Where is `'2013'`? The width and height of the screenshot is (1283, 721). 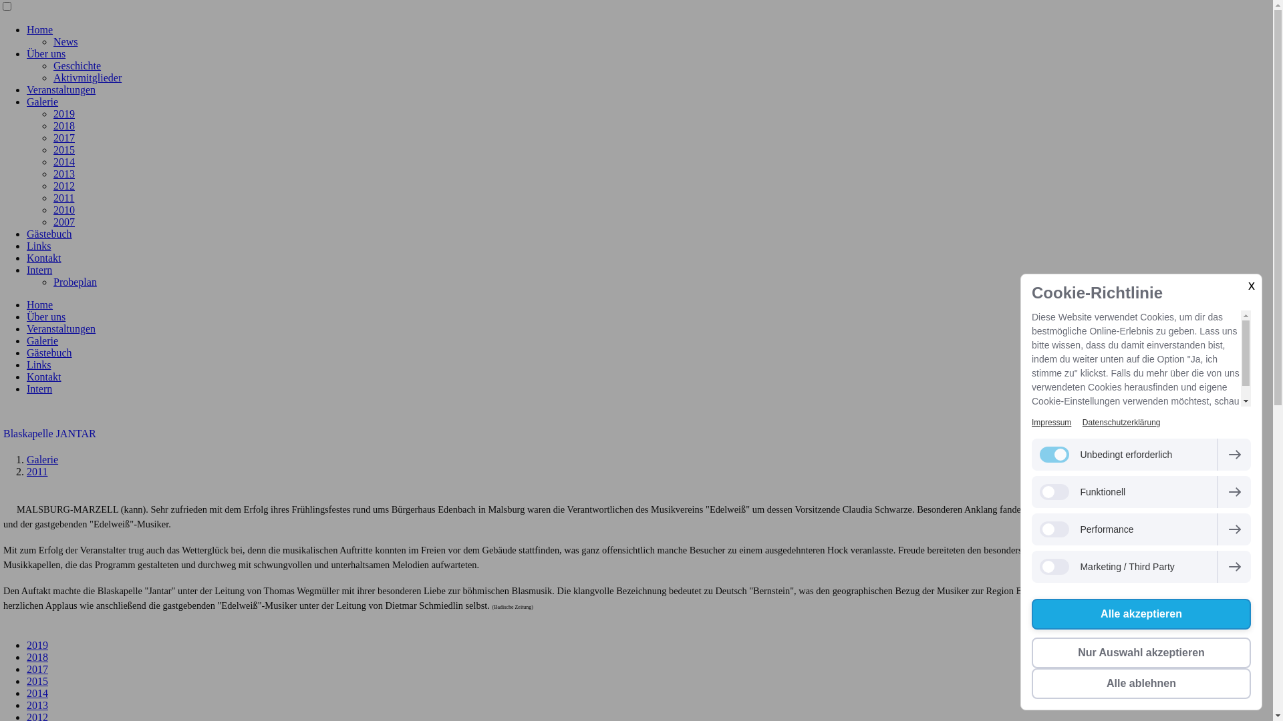
'2013' is located at coordinates (53, 173).